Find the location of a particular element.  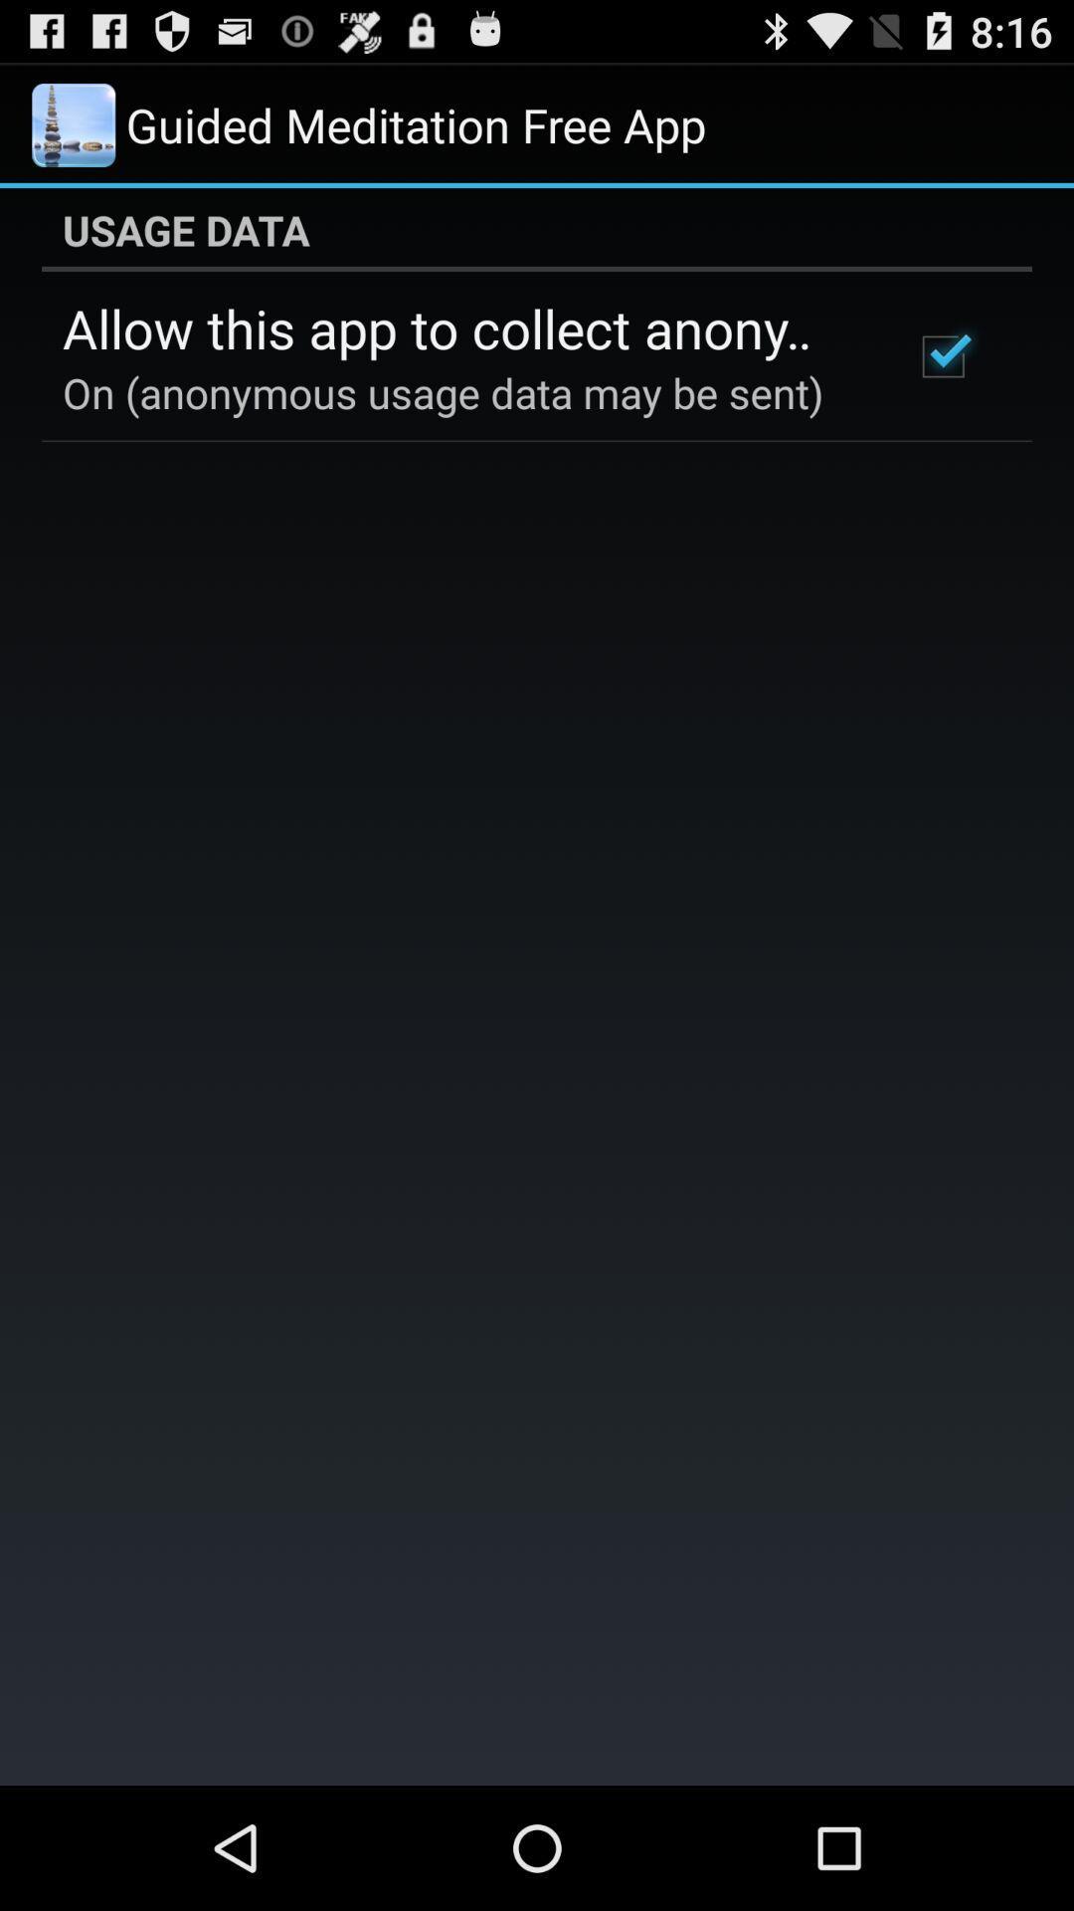

the item to the right of allow this app item is located at coordinates (942, 356).